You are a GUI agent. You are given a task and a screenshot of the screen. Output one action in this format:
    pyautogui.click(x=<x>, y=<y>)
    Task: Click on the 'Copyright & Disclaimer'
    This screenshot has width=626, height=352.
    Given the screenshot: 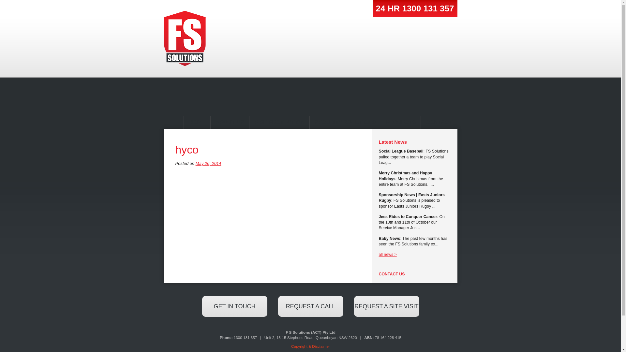 What is the action you would take?
    pyautogui.click(x=310, y=346)
    